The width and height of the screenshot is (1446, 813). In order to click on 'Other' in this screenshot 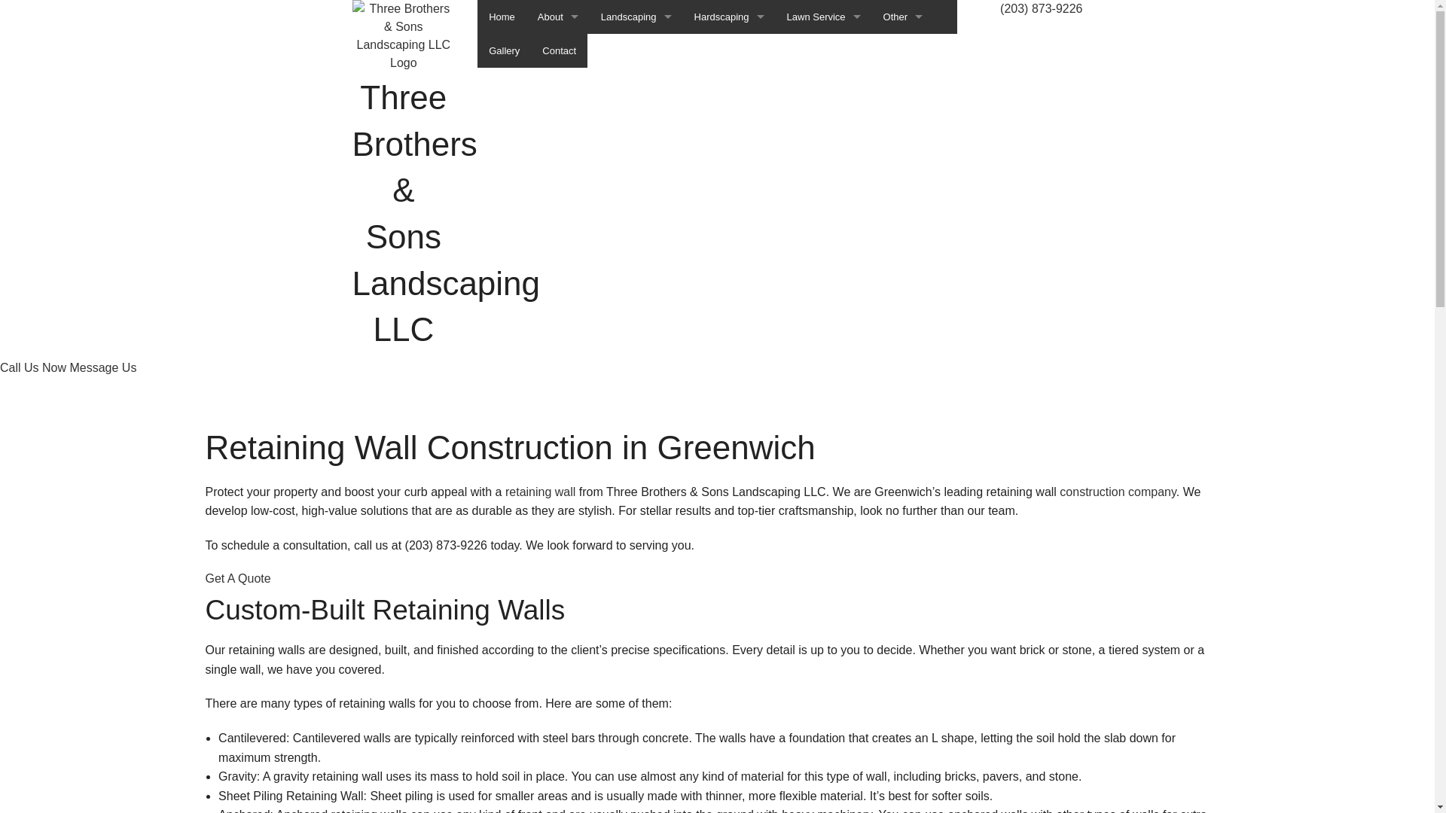, I will do `click(903, 17)`.